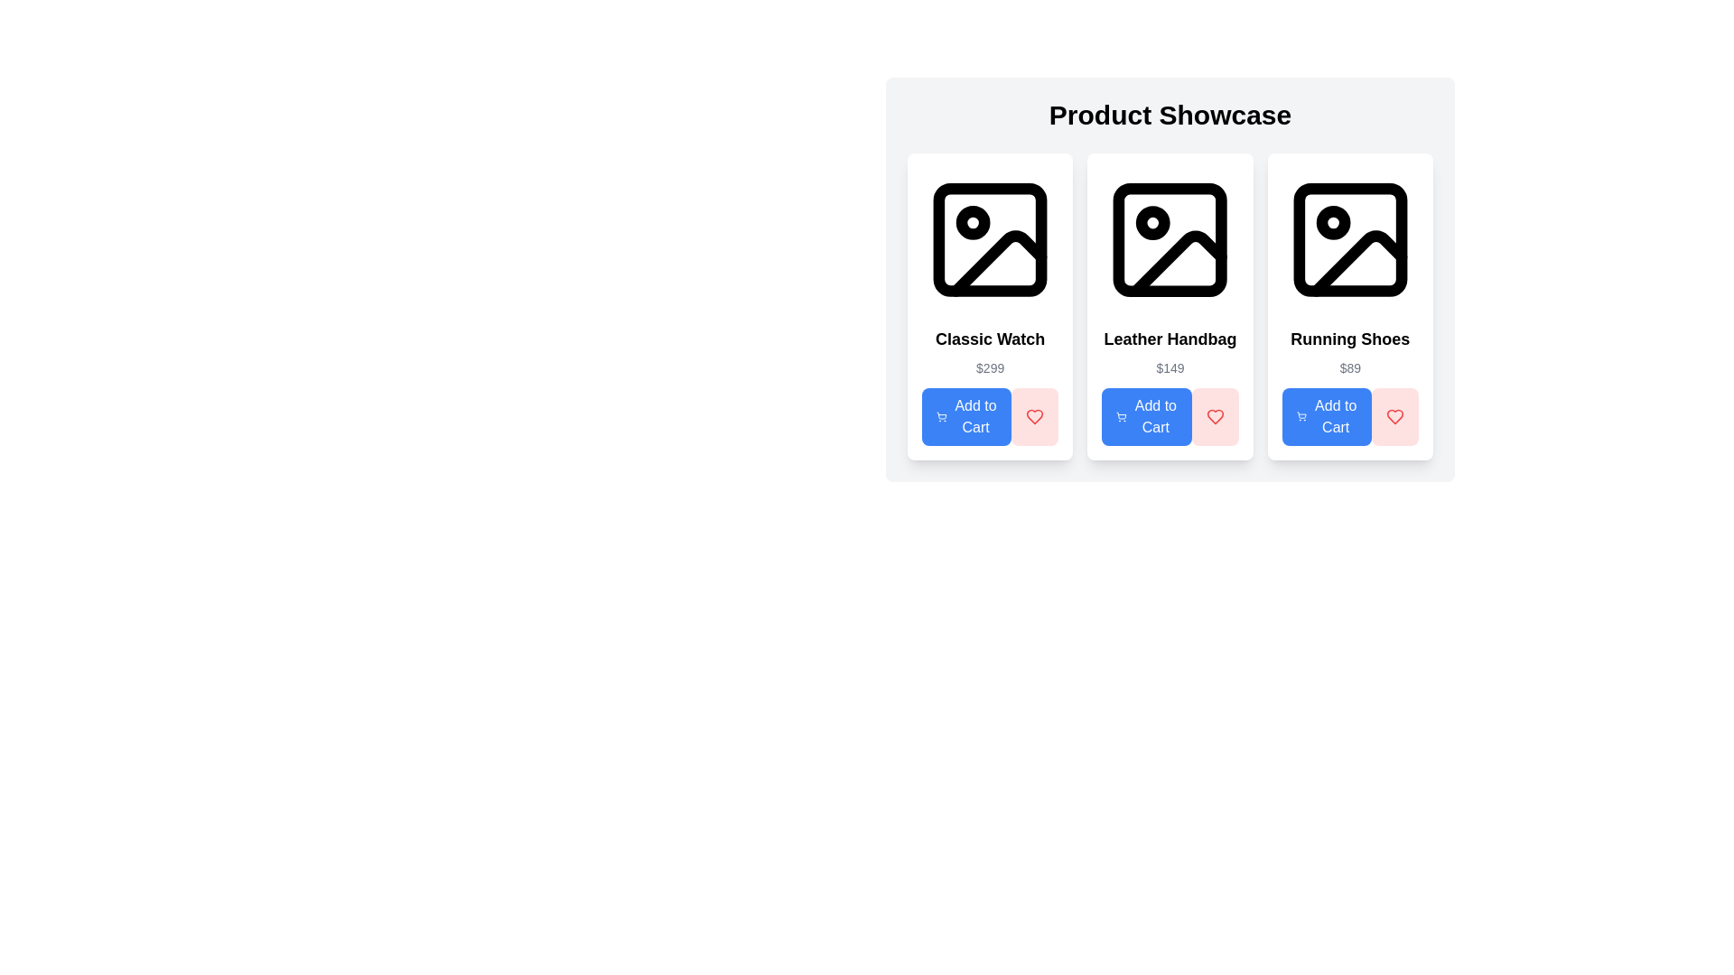  Describe the element at coordinates (1146, 417) in the screenshot. I see `the button located in the middle column below the 'Leather Handbag' product image and description` at that location.